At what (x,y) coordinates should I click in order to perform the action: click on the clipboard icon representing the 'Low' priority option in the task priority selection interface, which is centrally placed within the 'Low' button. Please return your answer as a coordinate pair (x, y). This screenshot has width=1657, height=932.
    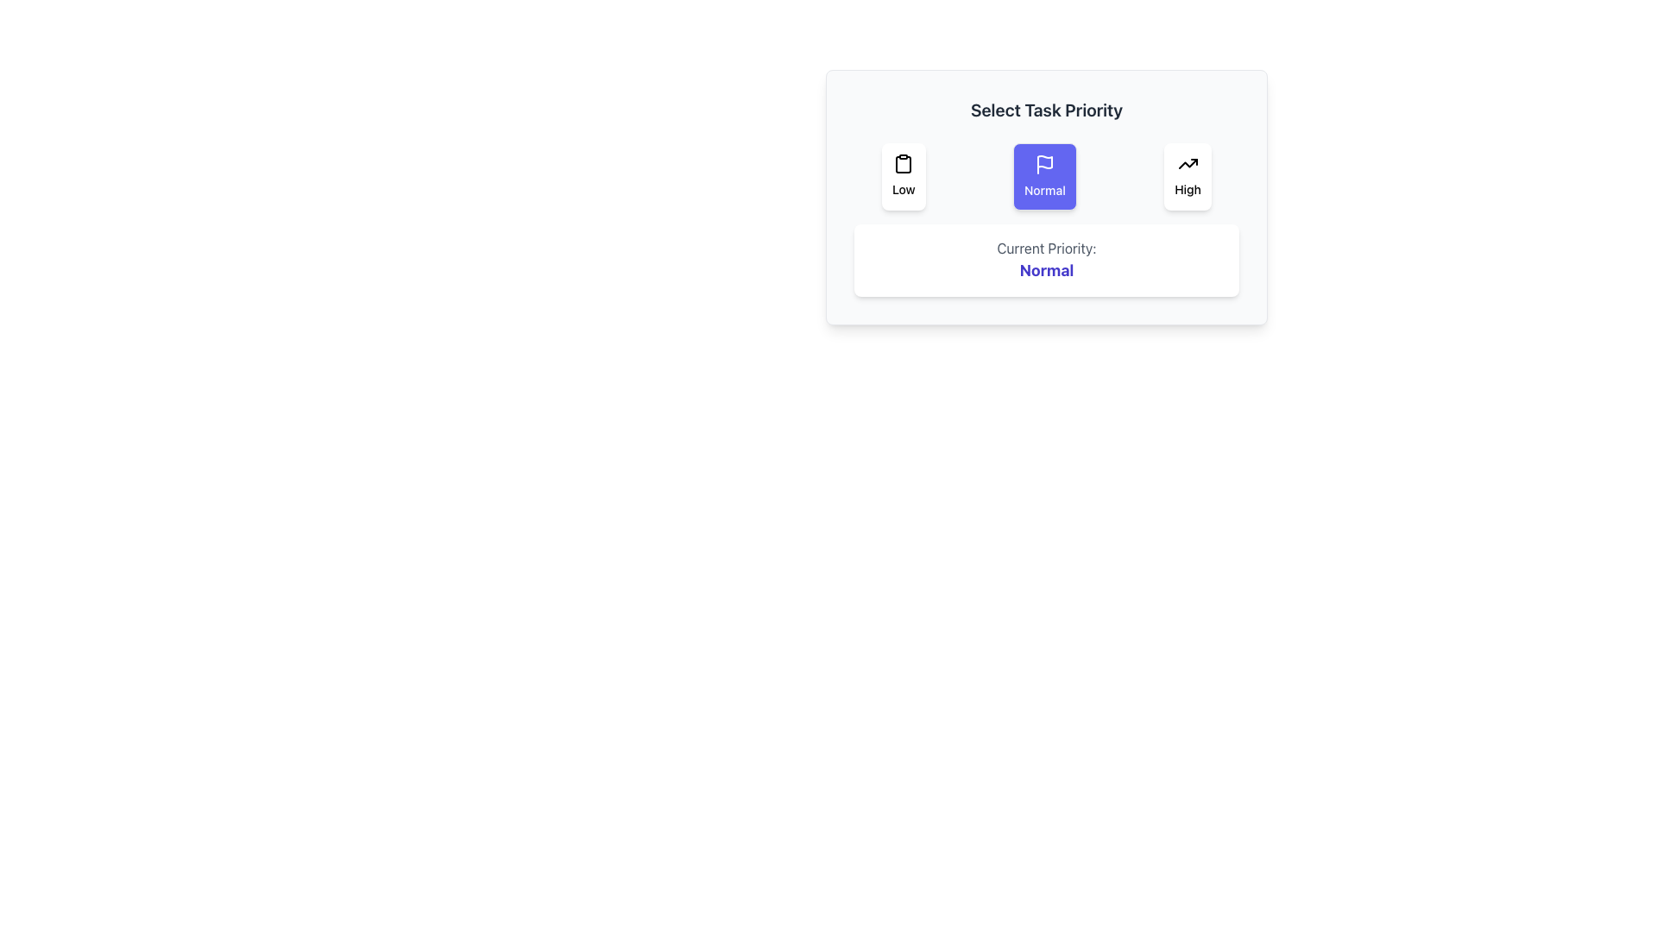
    Looking at the image, I should click on (903, 163).